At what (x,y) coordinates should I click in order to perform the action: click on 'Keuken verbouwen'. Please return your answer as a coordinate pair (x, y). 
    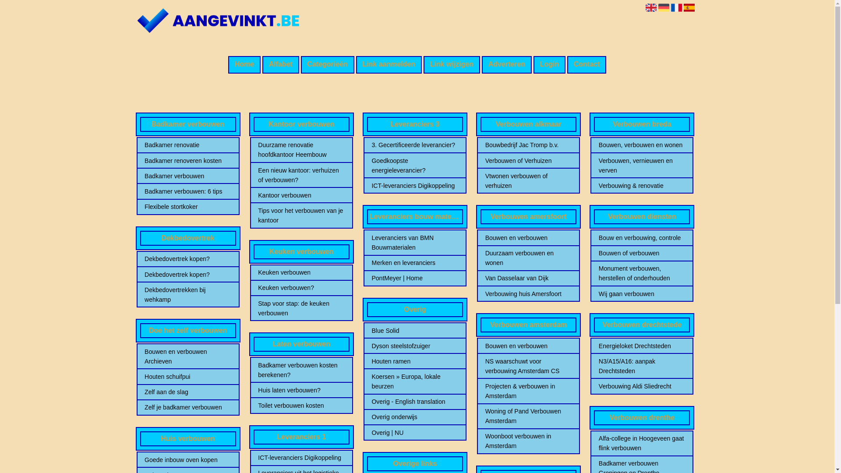
    Looking at the image, I should click on (301, 272).